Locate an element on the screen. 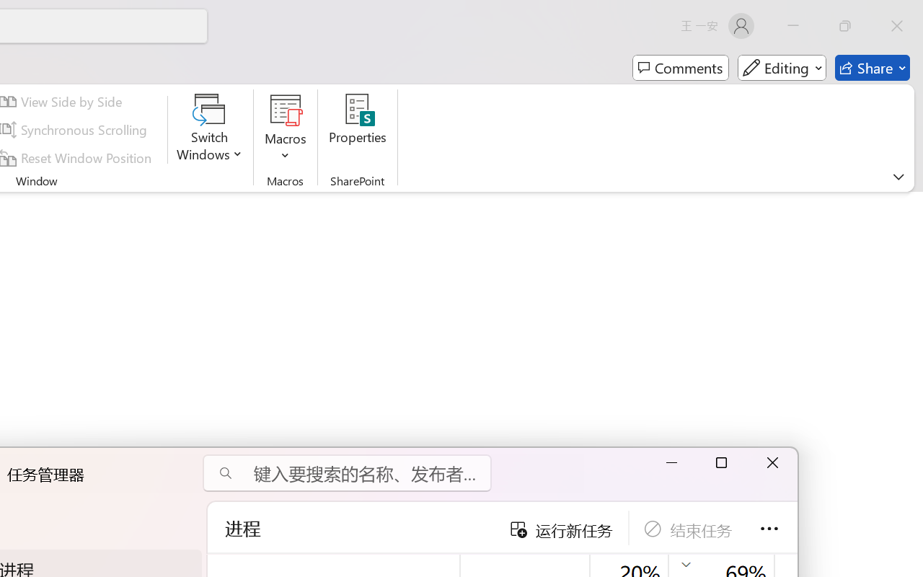  'Mode' is located at coordinates (781, 68).